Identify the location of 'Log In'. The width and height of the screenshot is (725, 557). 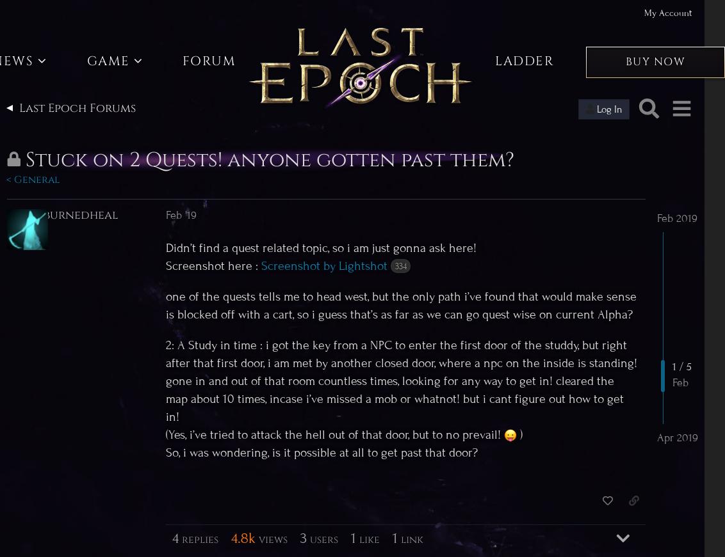
(609, 109).